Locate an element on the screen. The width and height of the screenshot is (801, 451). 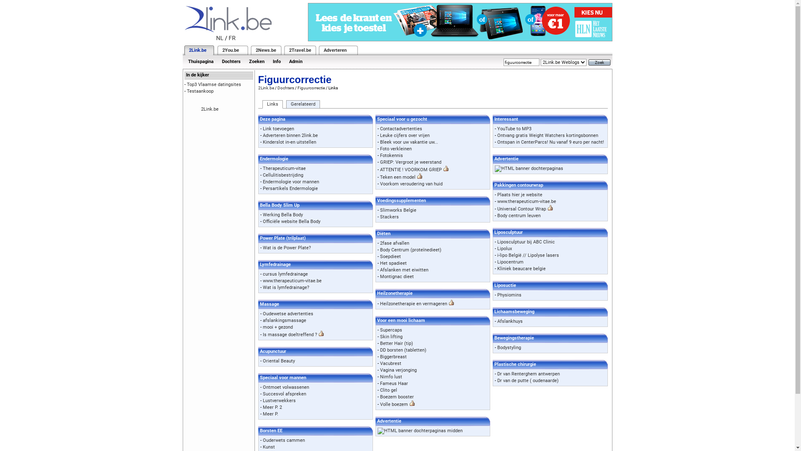
'Ontspan in CenterParcs! Nu vanaf 9 euro per nacht!' is located at coordinates (497, 142).